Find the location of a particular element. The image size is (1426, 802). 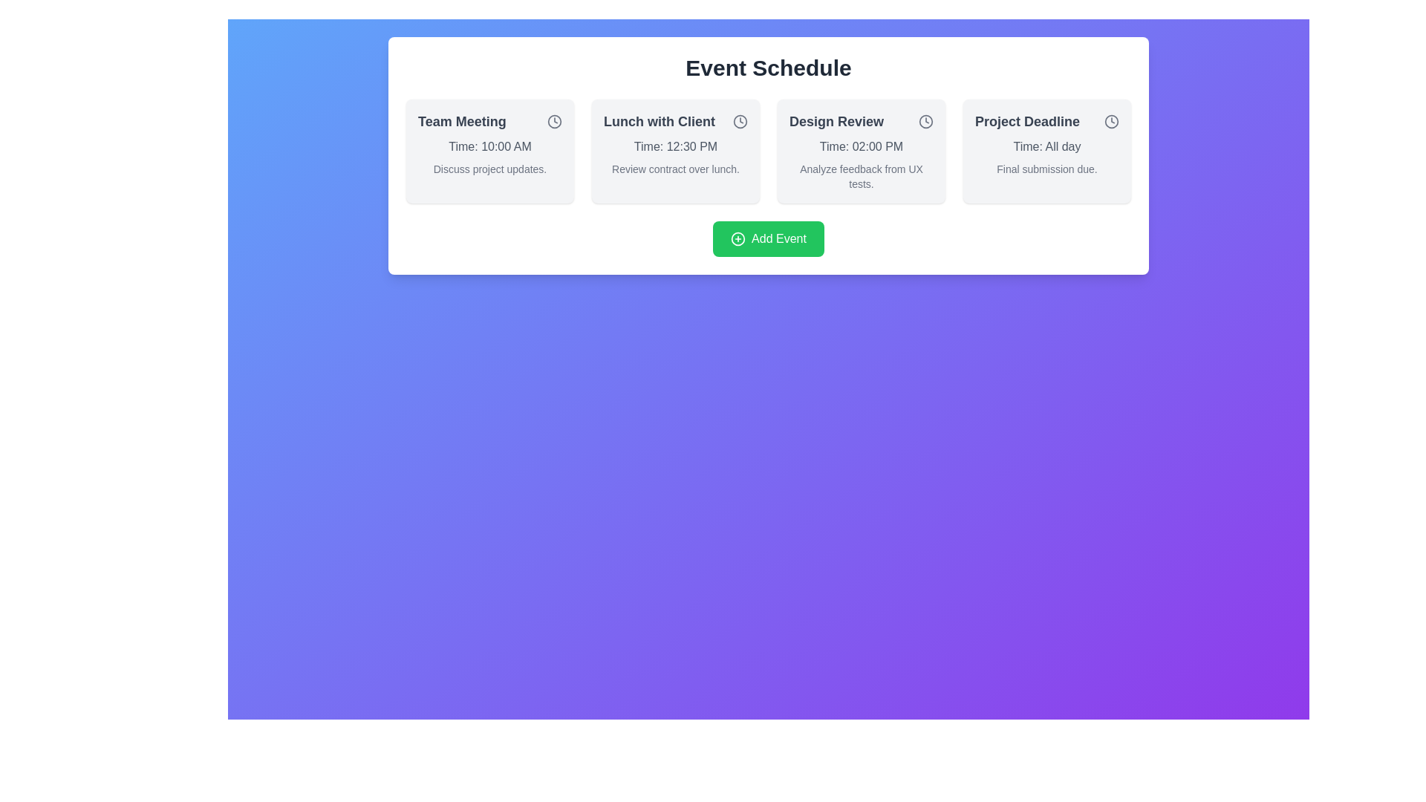

the Text Label displaying 'Lunch with Client', which is prominently styled in bold gray font and located under the 'Event Schedule' heading in the second card of a four-card grid is located at coordinates (675, 121).